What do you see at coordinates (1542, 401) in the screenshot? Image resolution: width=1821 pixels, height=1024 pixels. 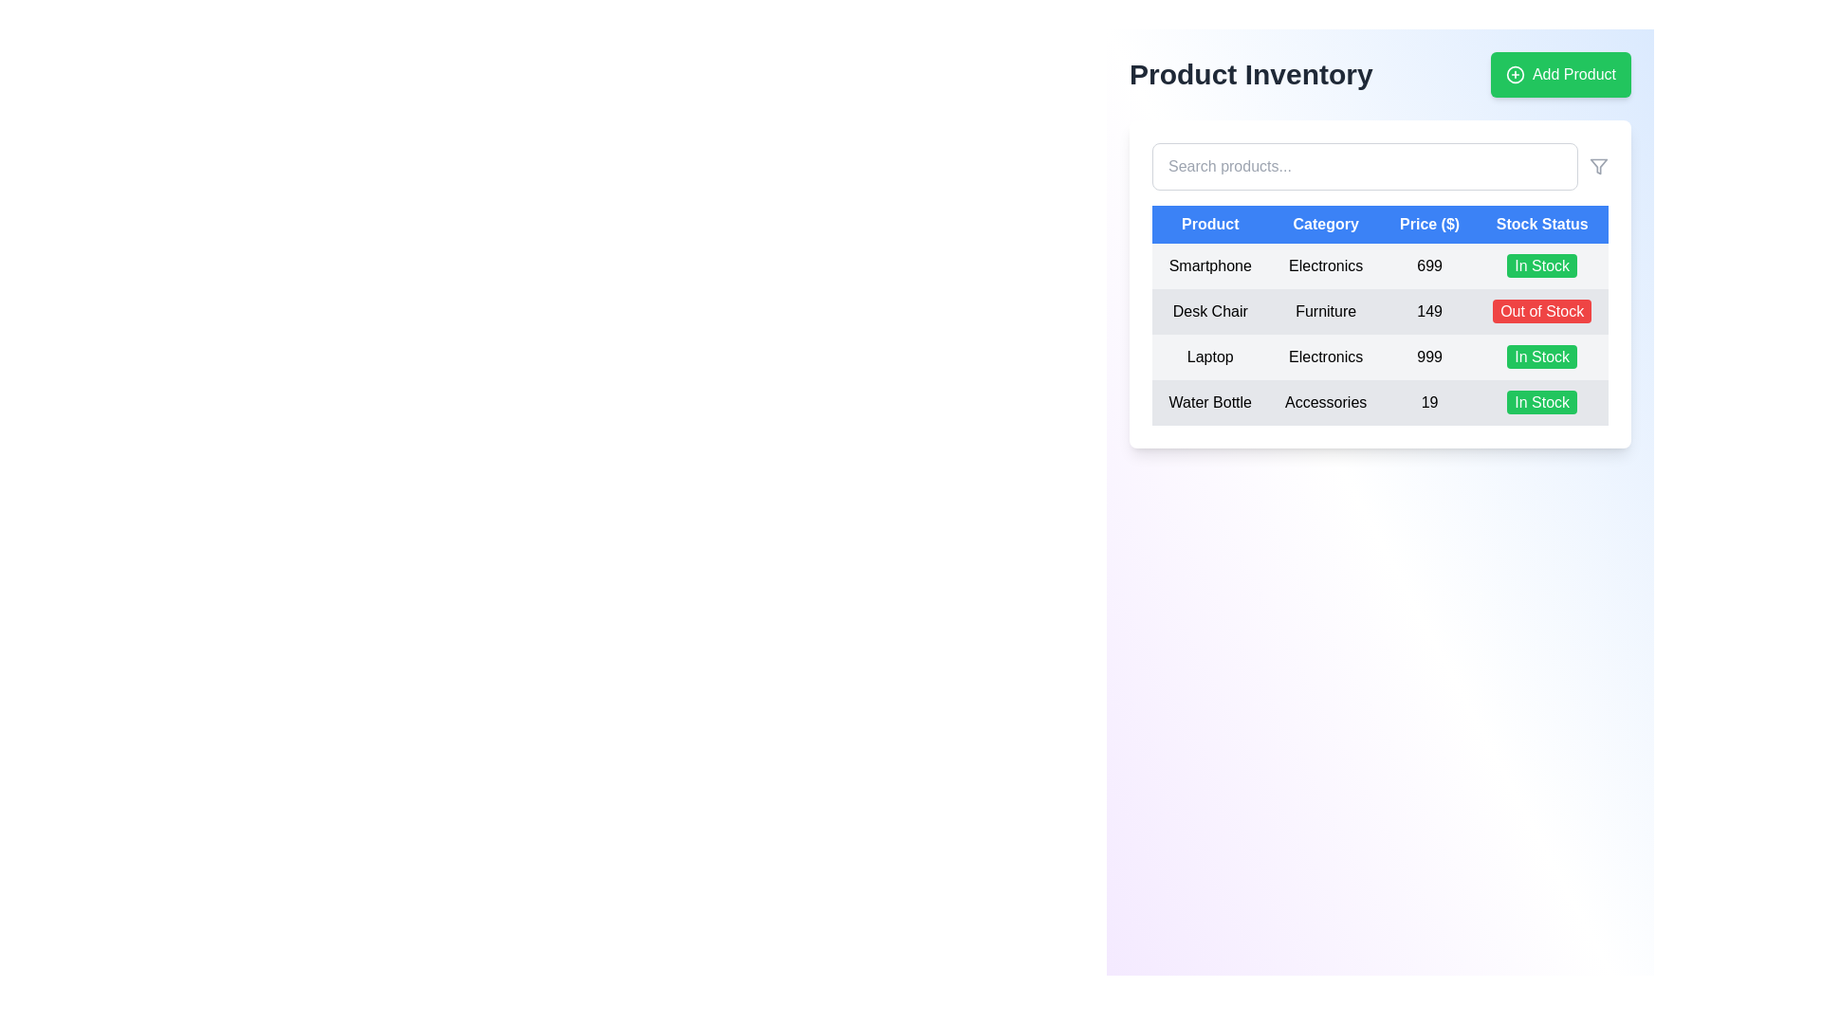 I see `the green button-shaped label with rounded corners that contains the text 'In Stock' located in the 'Stock Status' column of the bottom row for the 'Water Bottle' item` at bounding box center [1542, 401].